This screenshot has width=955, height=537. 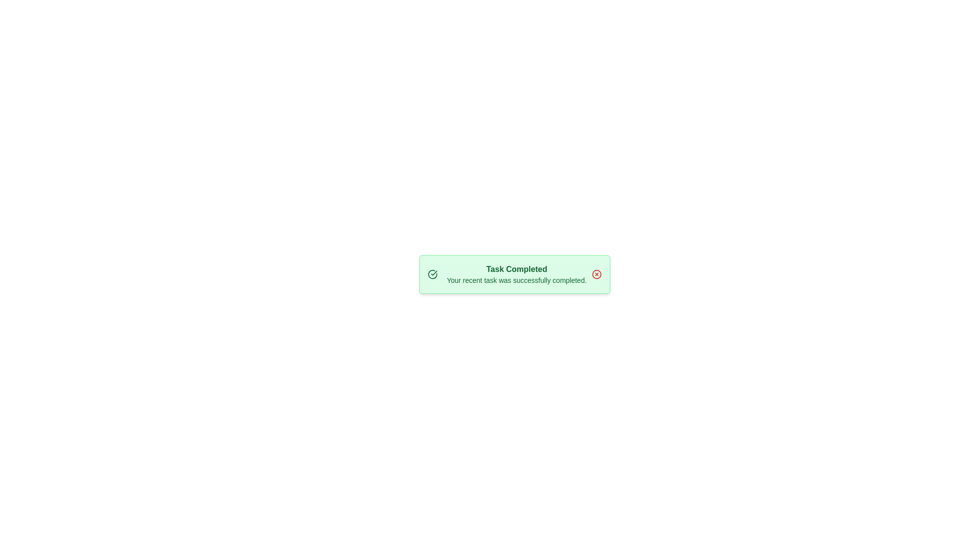 I want to click on the text content of the alert, so click(x=446, y=263).